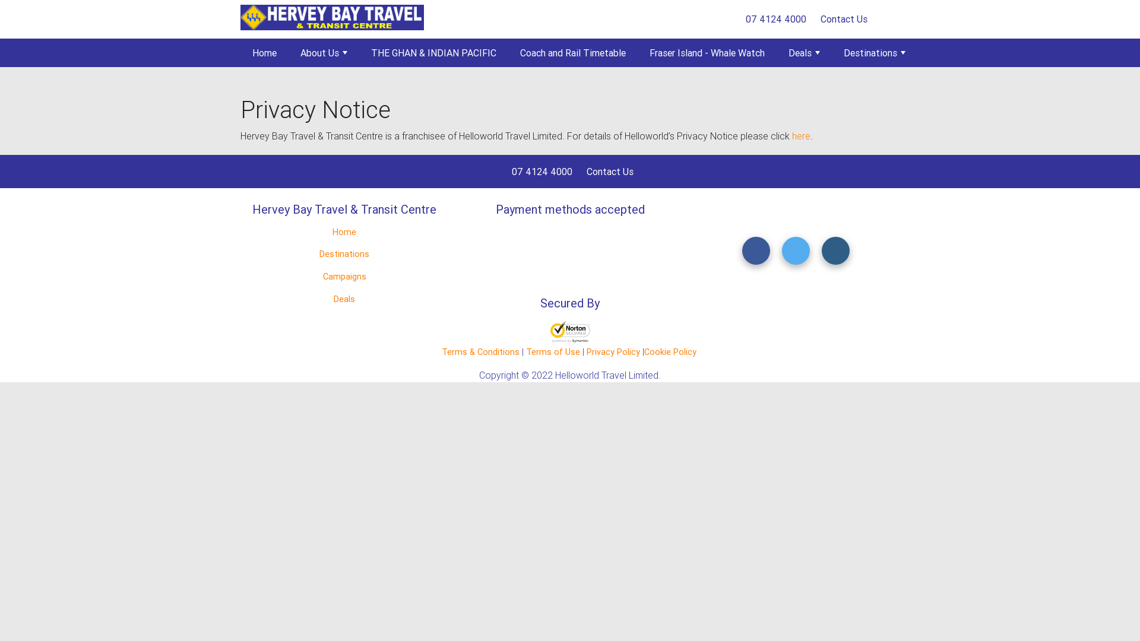 This screenshot has height=641, width=1140. I want to click on 'Privacy Policy', so click(613, 351).